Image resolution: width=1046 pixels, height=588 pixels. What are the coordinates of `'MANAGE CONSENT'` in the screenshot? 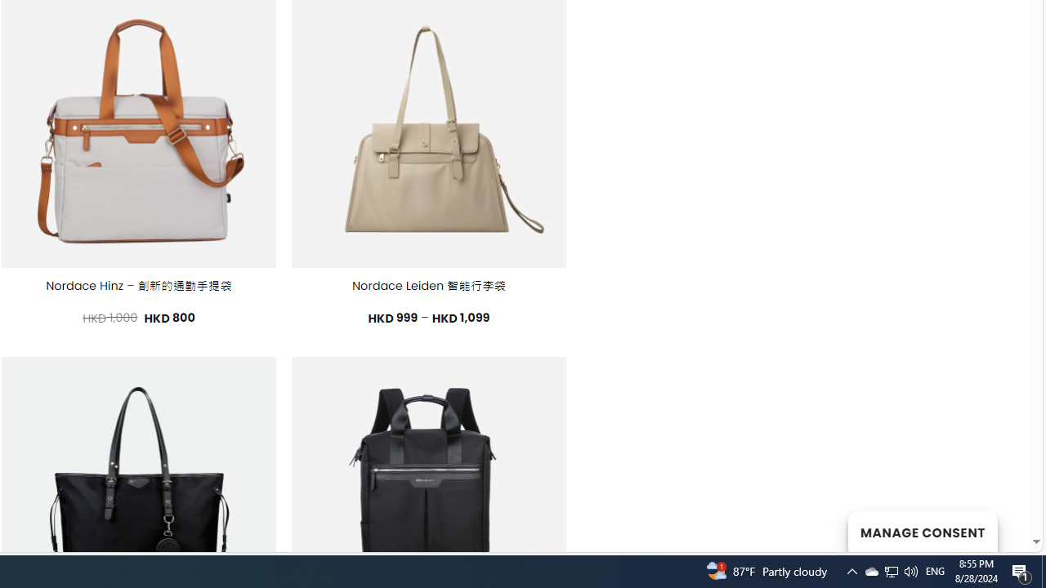 It's located at (922, 531).